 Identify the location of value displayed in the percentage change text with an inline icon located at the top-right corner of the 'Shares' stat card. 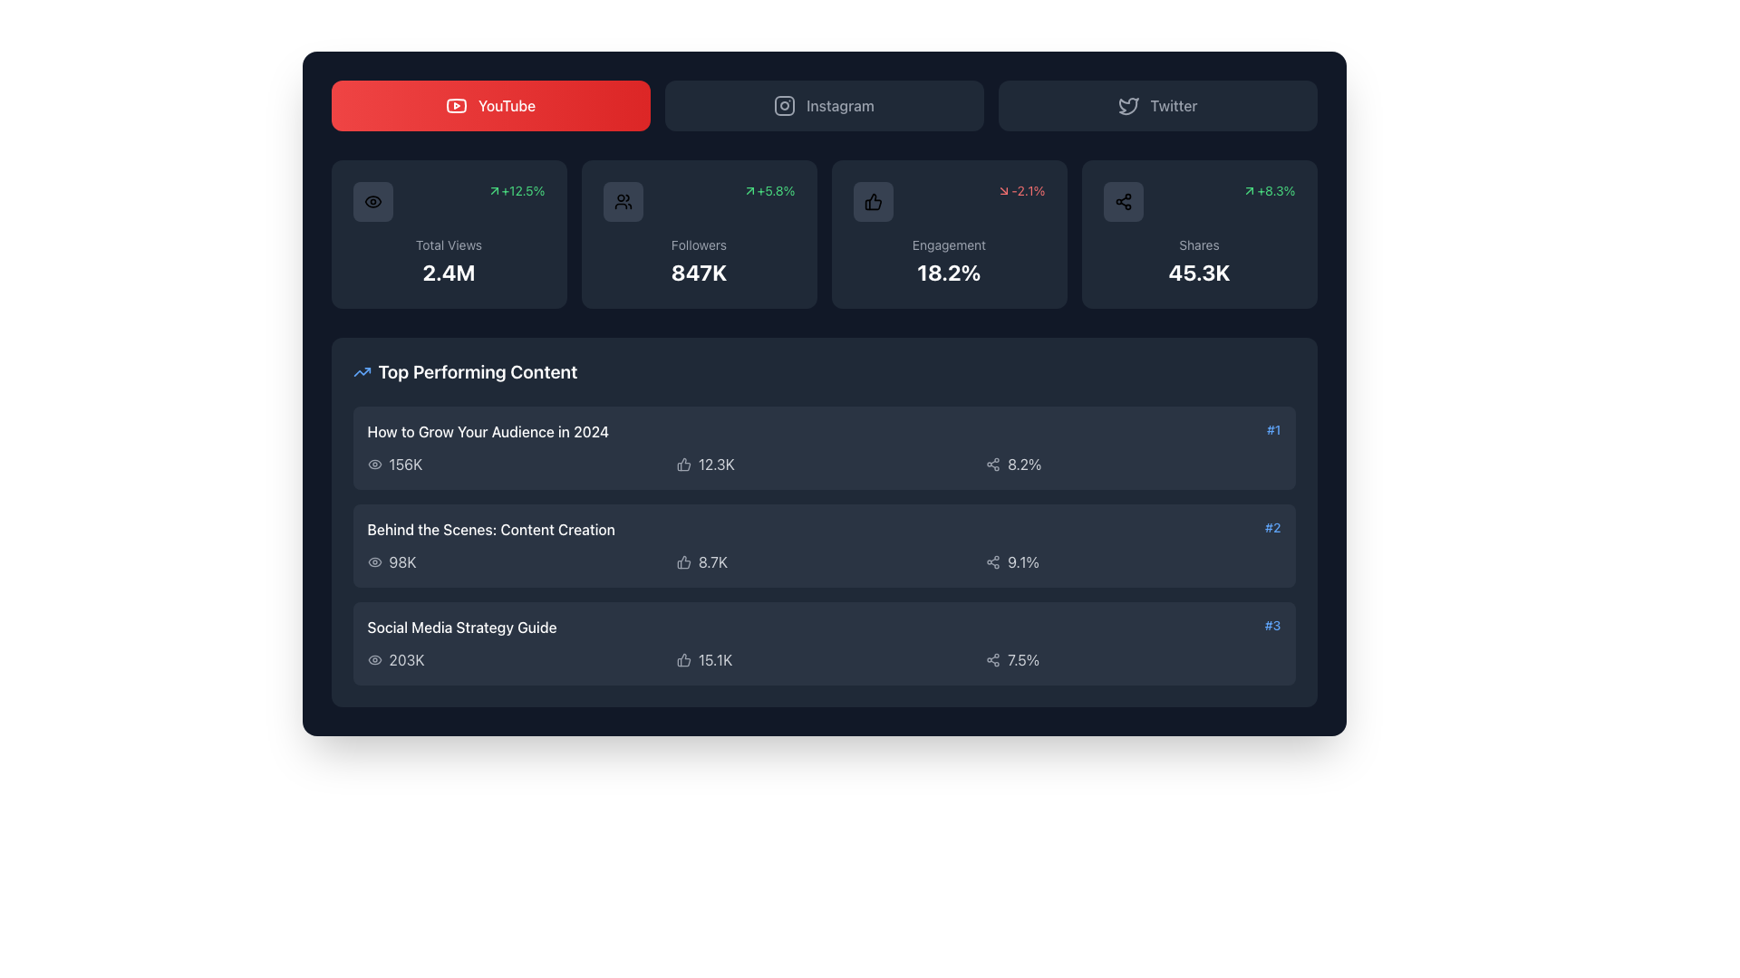
(1268, 191).